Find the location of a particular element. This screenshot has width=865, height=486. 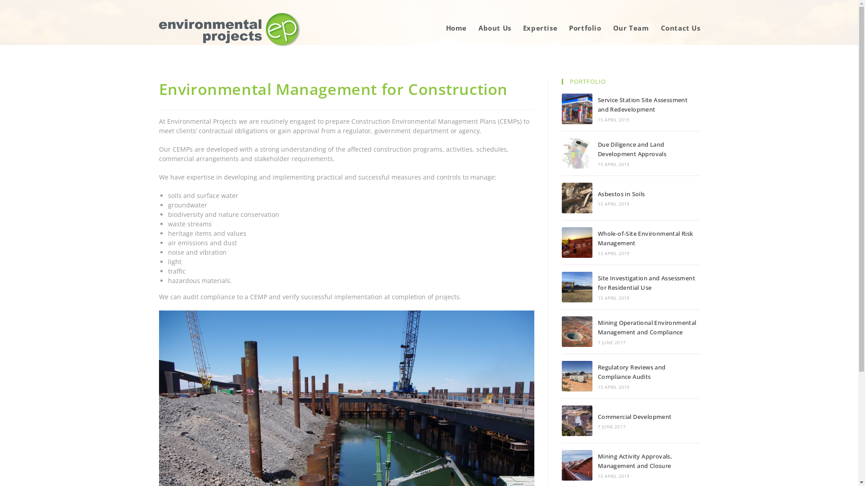

'Our Team' is located at coordinates (631, 27).